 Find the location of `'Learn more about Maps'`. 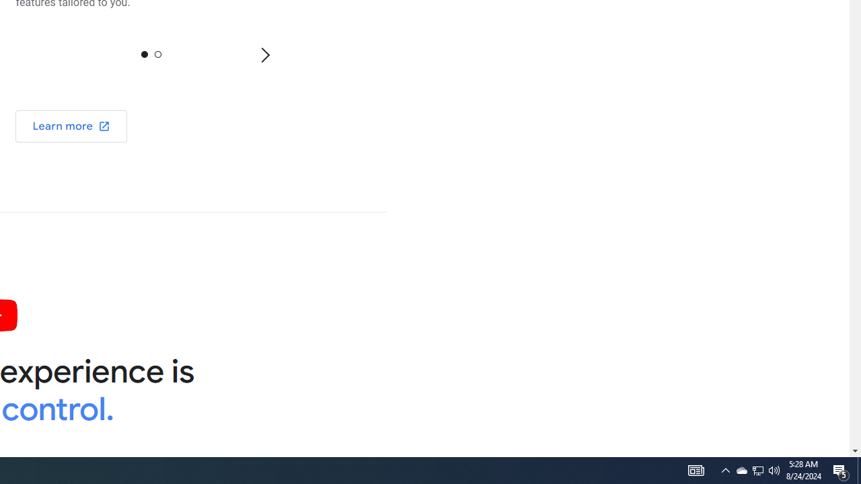

'Learn more about Maps' is located at coordinates (71, 126).